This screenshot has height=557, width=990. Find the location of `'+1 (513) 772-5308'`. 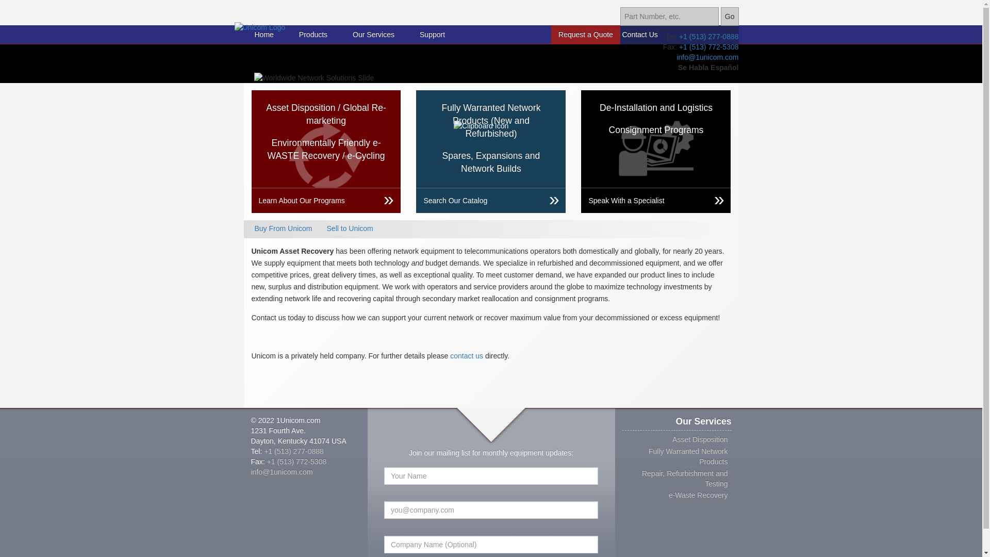

'+1 (513) 772-5308' is located at coordinates (296, 461).